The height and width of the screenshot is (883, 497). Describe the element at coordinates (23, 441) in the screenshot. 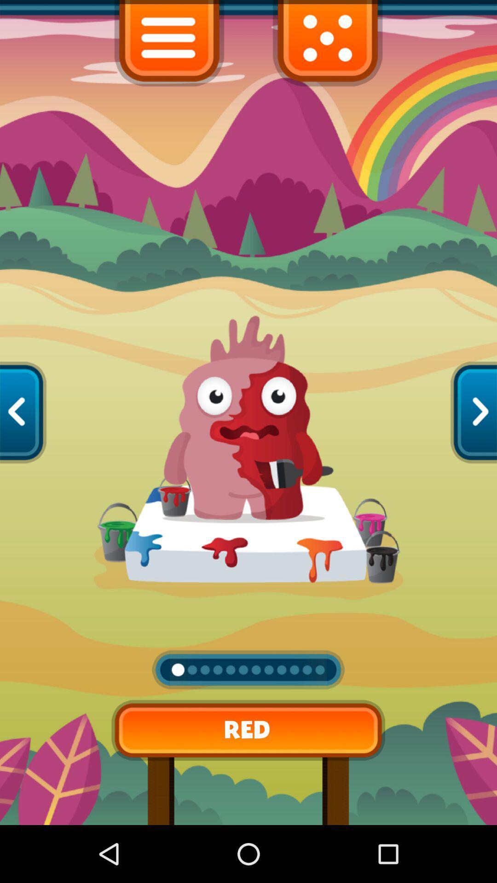

I see `the share icon` at that location.